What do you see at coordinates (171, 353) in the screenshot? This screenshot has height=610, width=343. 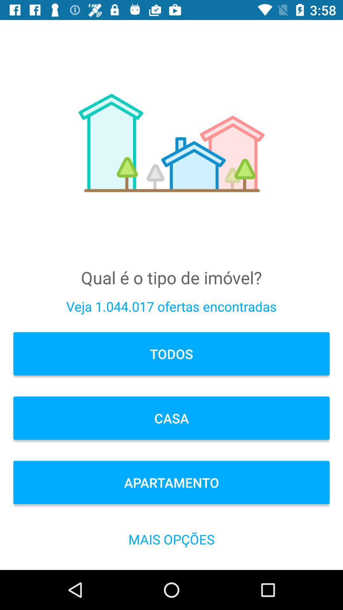 I see `todos` at bounding box center [171, 353].